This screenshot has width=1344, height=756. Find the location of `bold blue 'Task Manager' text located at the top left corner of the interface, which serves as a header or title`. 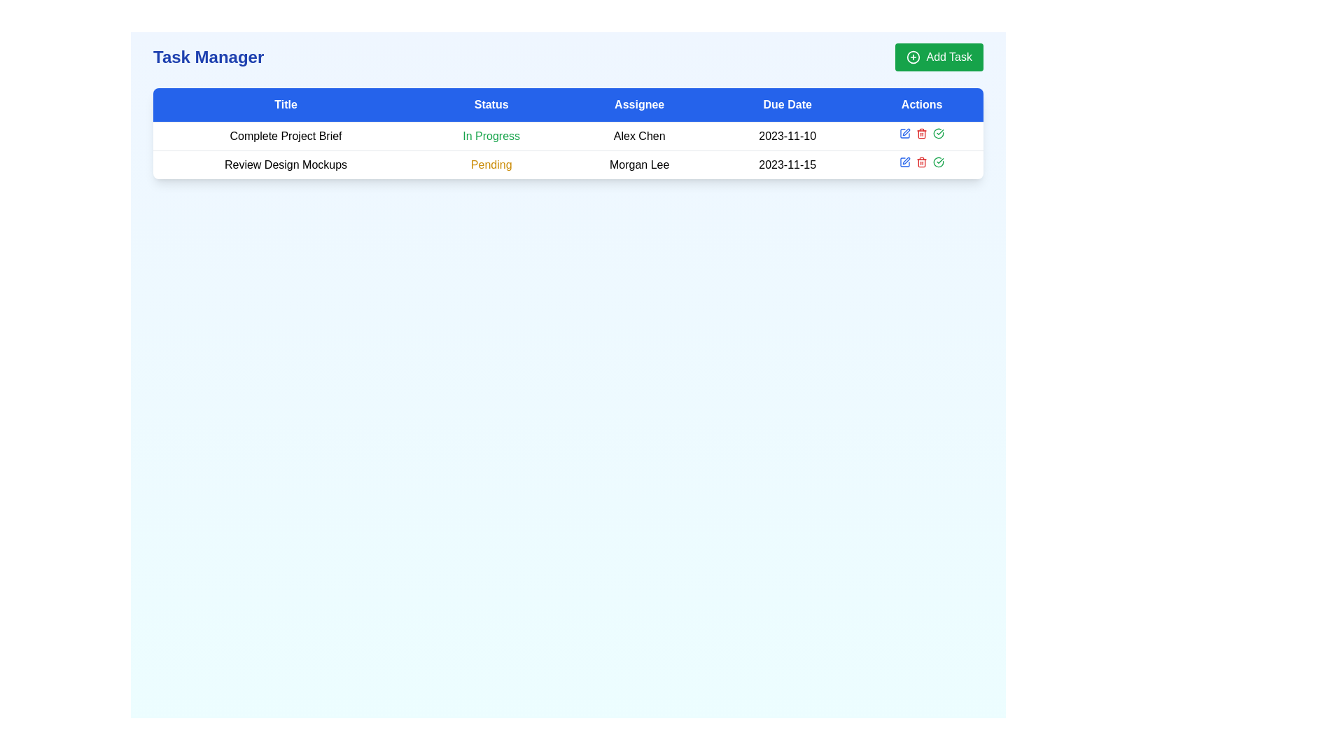

bold blue 'Task Manager' text located at the top left corner of the interface, which serves as a header or title is located at coordinates (208, 56).